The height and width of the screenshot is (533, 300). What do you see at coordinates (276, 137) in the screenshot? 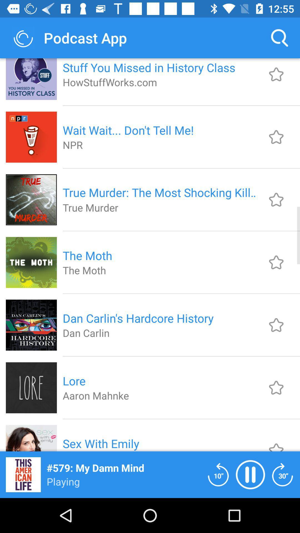
I see `star this podcast` at bounding box center [276, 137].